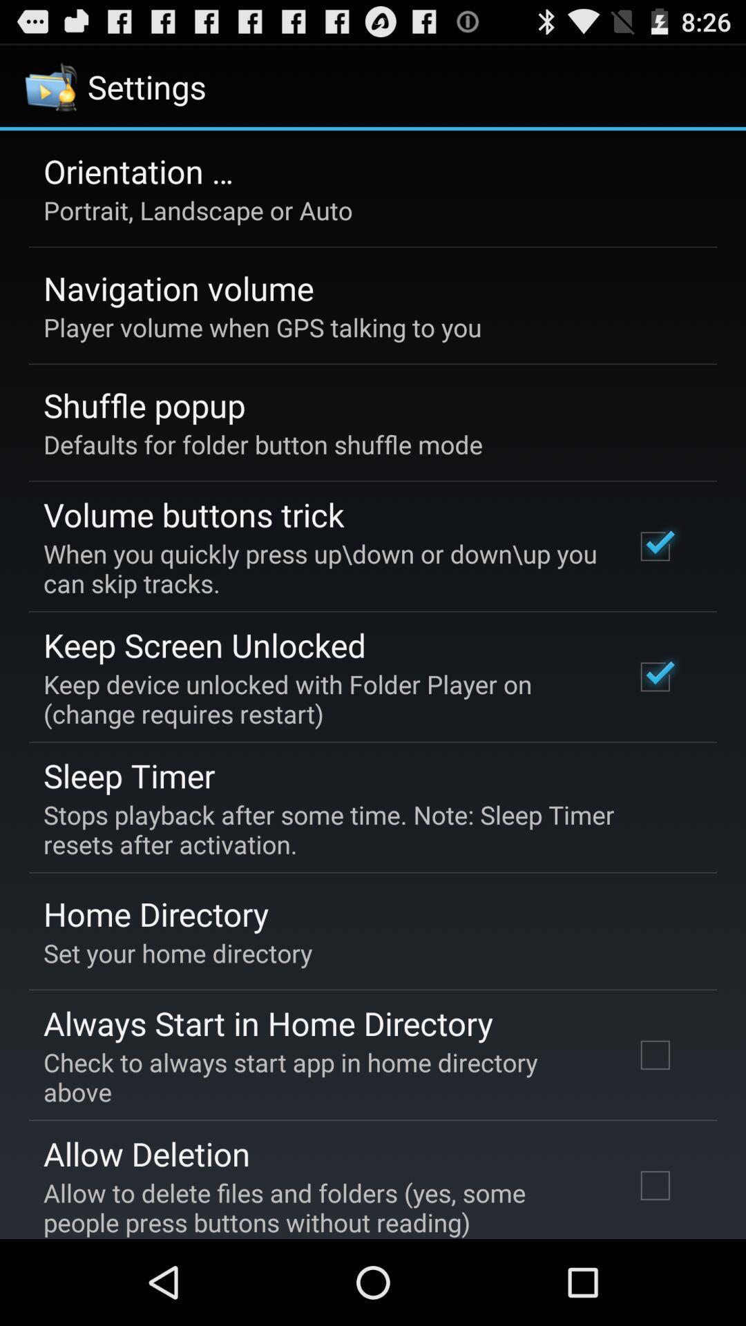 The width and height of the screenshot is (746, 1326). What do you see at coordinates (320, 1076) in the screenshot?
I see `check to always item` at bounding box center [320, 1076].